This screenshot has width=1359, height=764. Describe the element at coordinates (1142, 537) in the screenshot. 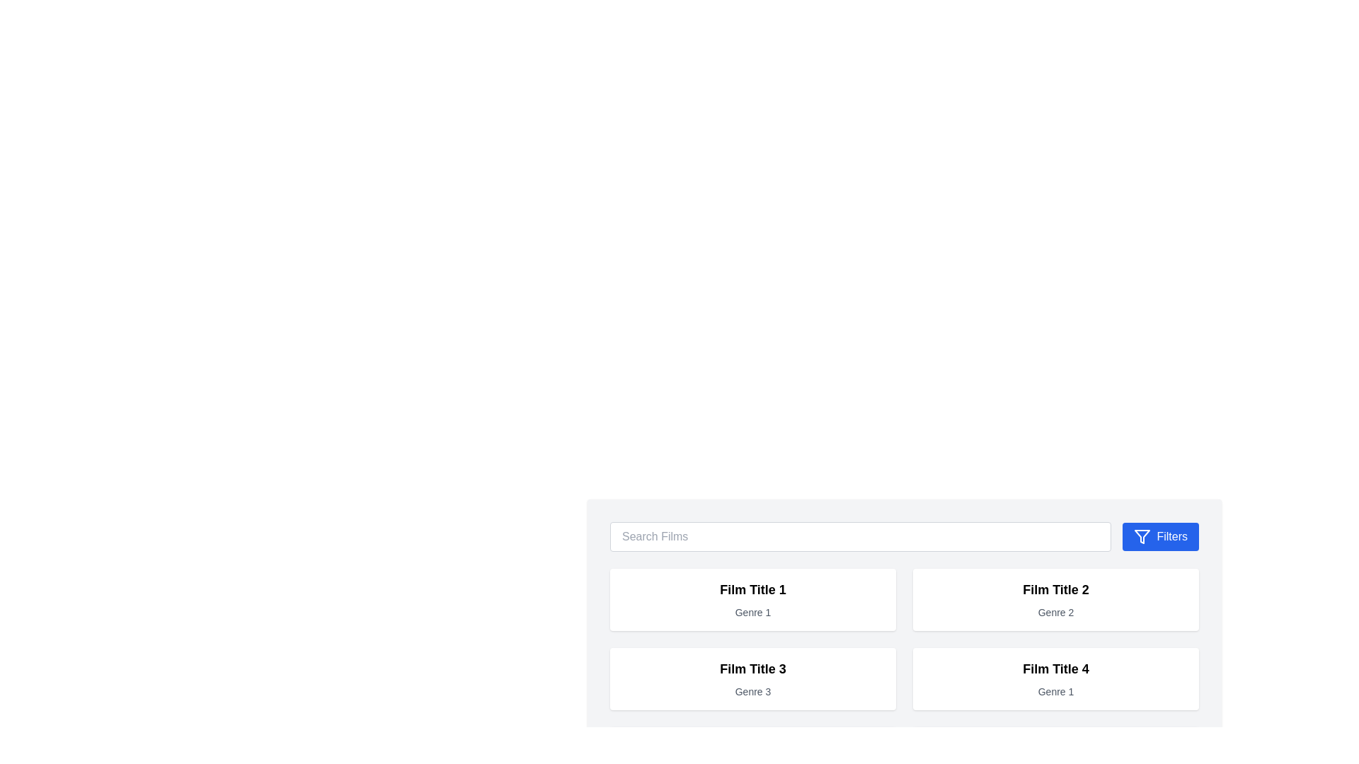

I see `the filter SVG icon located within the 'Filters' button in the top-right portion of the grid layout, which is adjacent to the search bar` at that location.